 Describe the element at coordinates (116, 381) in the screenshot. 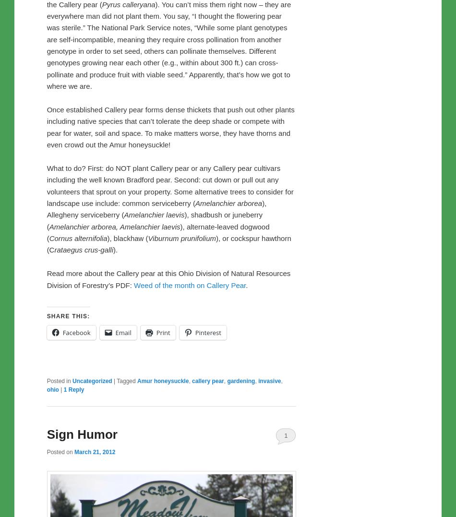

I see `'Tagged'` at that location.